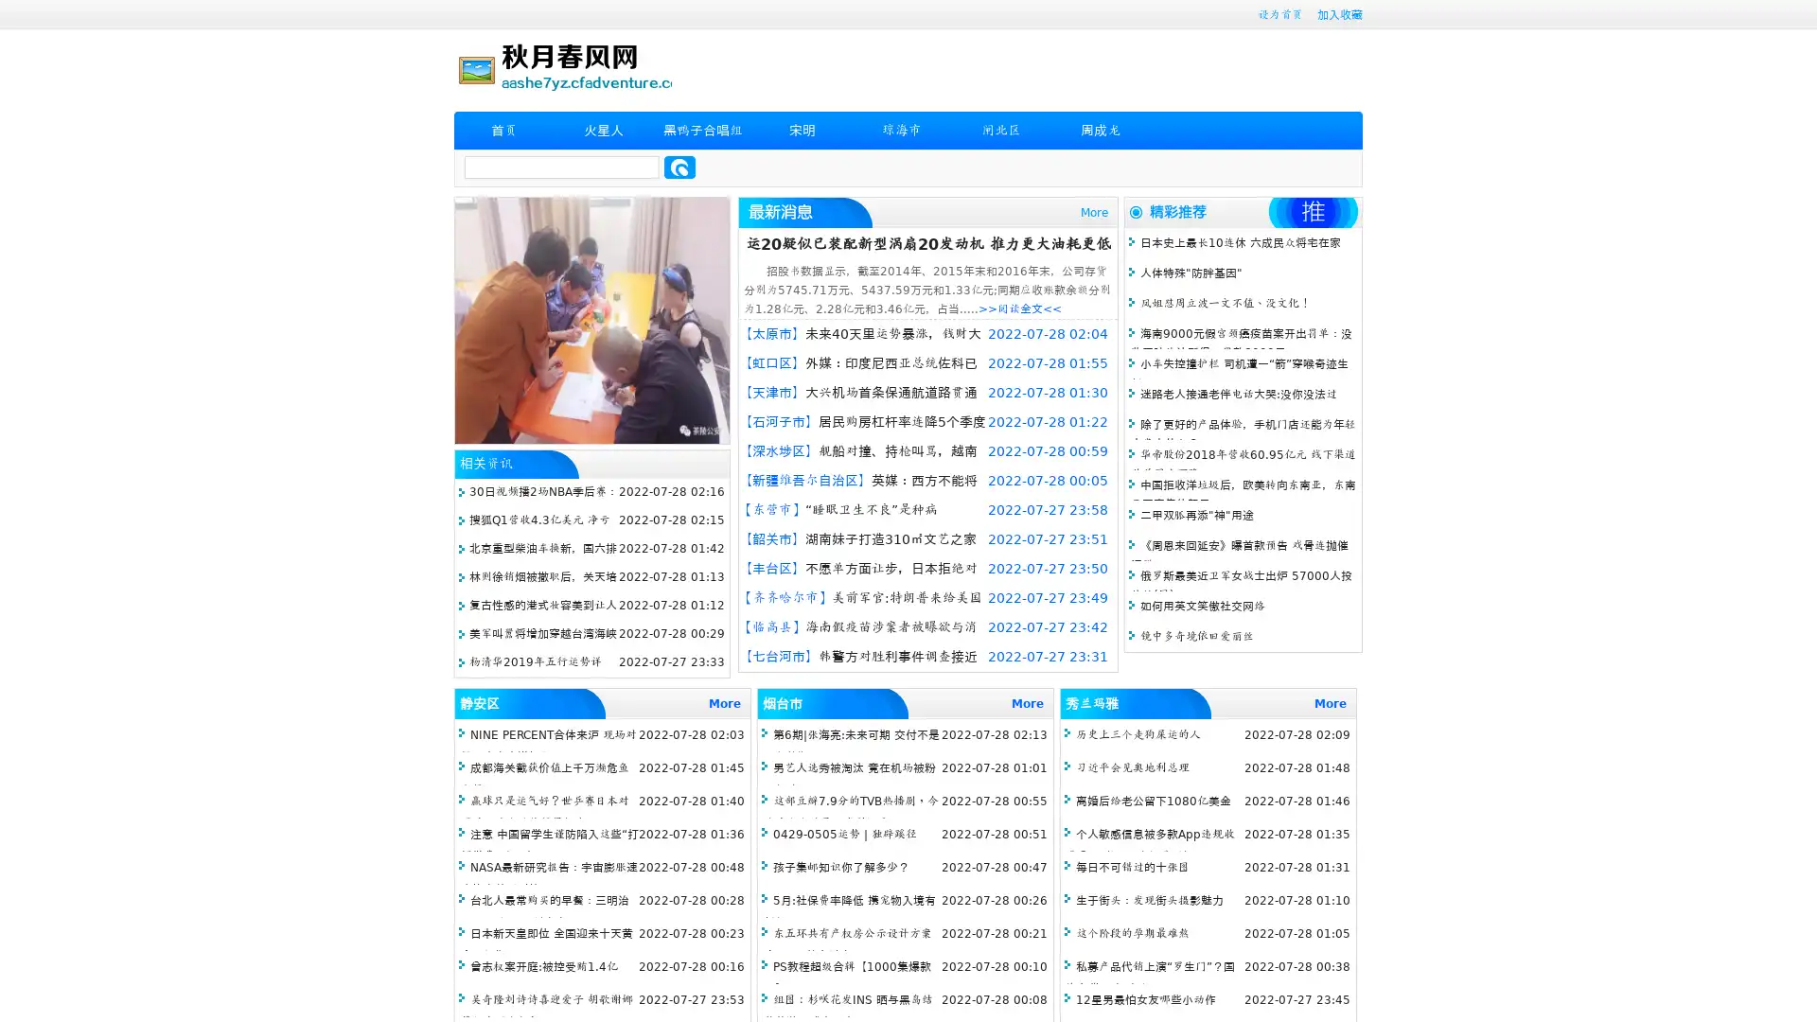 Image resolution: width=1817 pixels, height=1022 pixels. I want to click on Search, so click(679, 167).